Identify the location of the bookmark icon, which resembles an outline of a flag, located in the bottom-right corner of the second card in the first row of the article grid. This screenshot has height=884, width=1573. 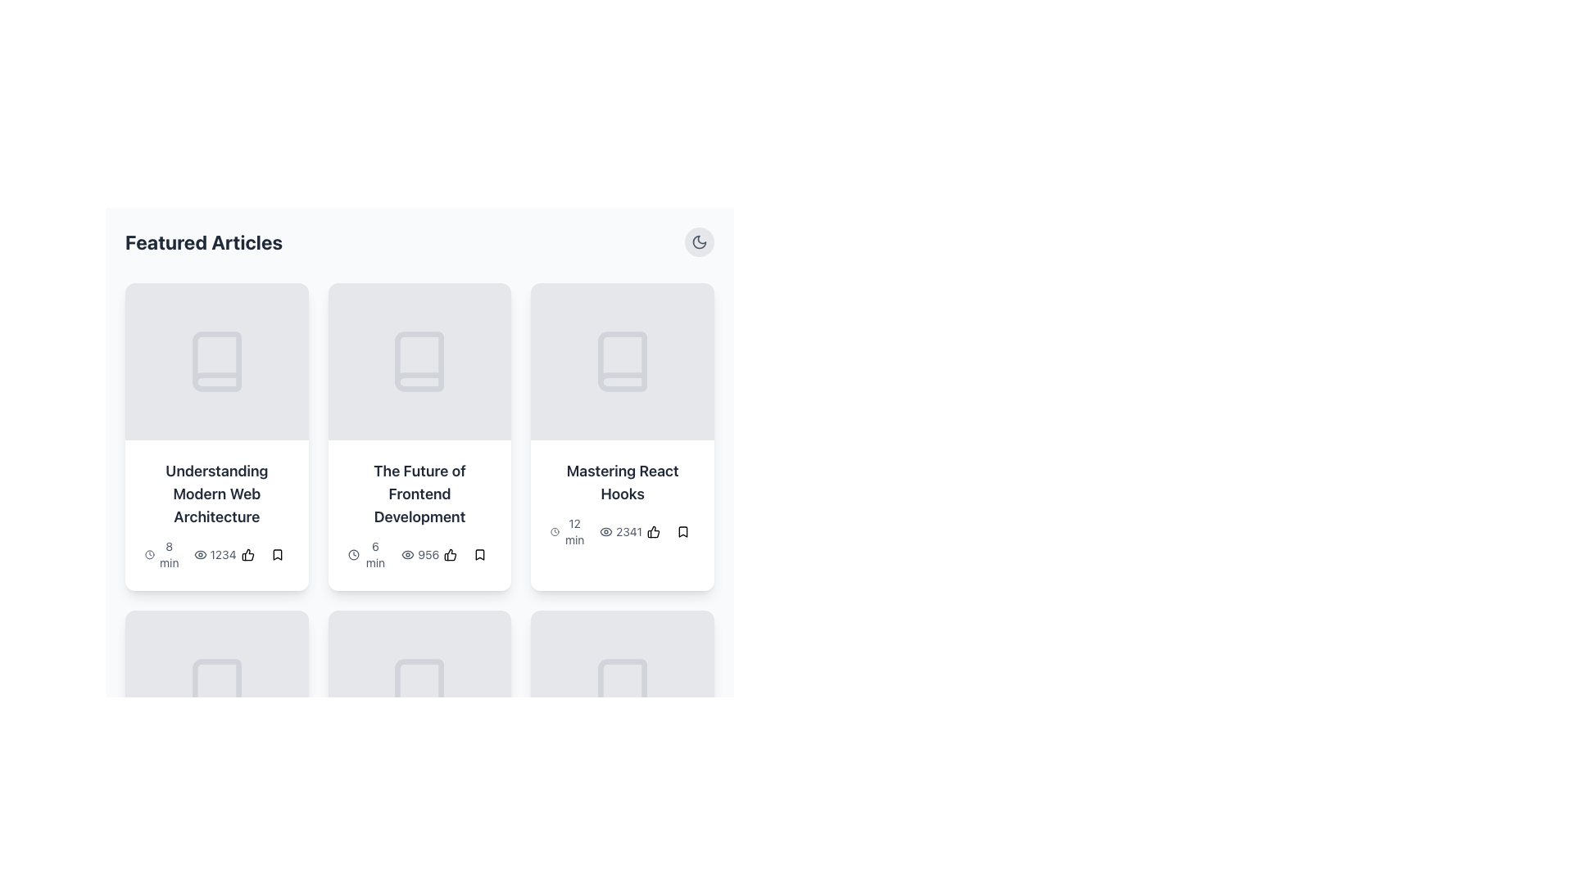
(479, 554).